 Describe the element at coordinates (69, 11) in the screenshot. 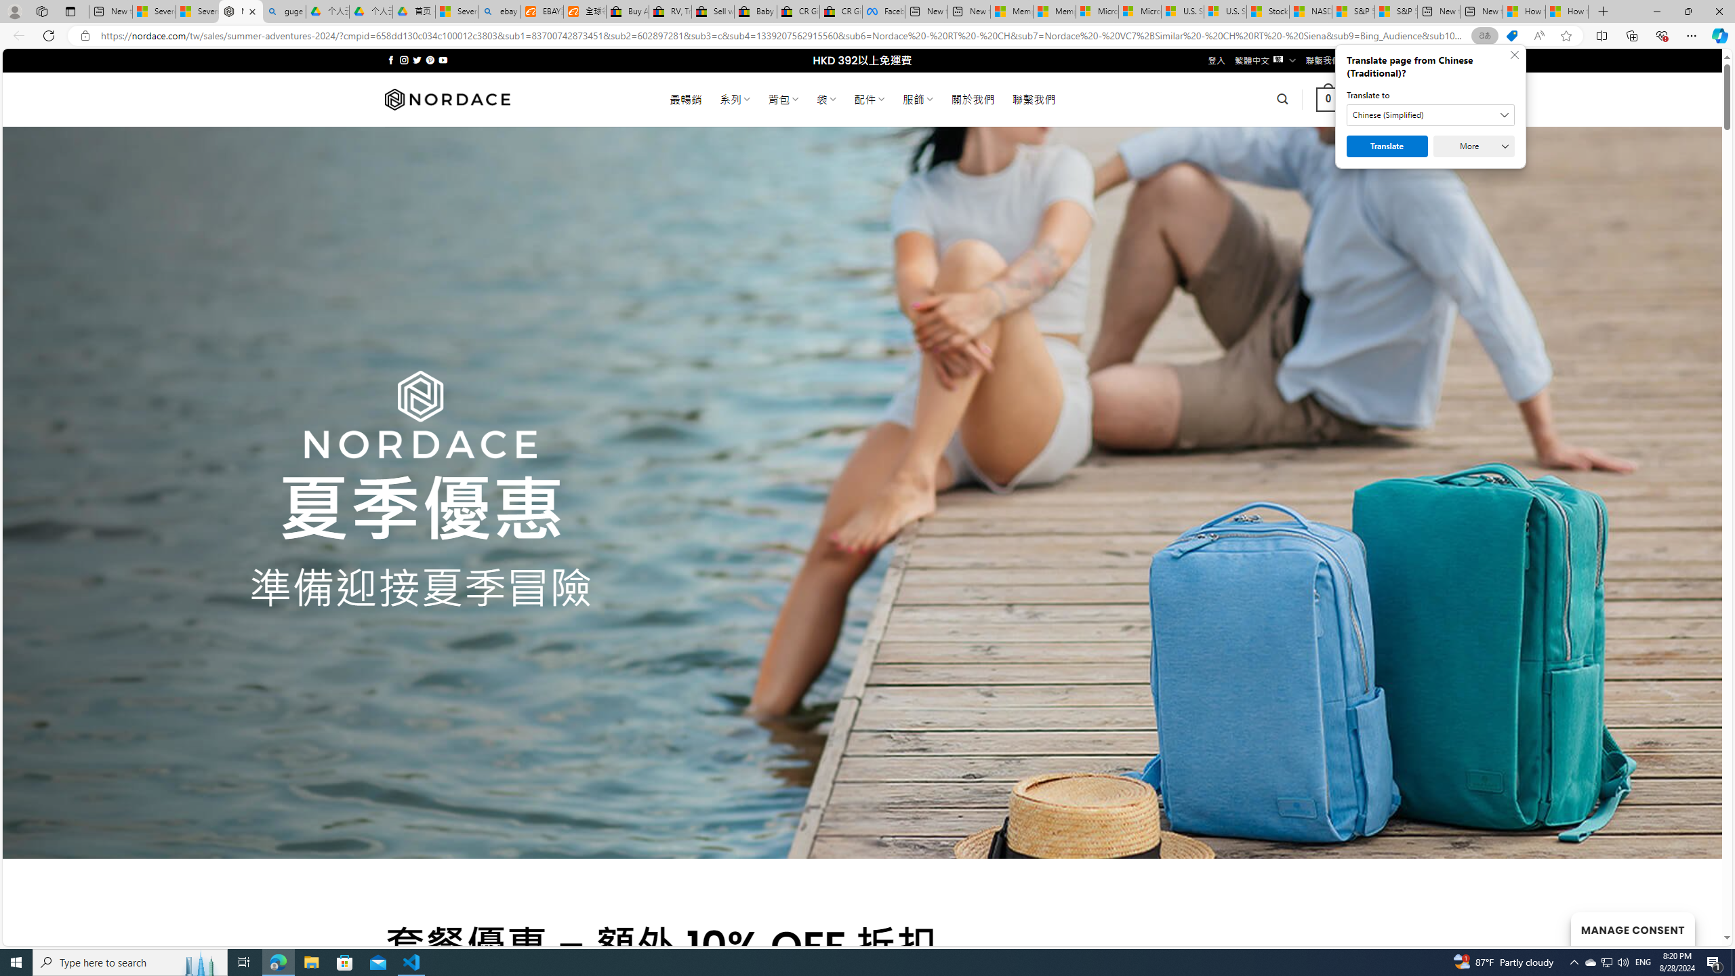

I see `'Tab actions menu'` at that location.